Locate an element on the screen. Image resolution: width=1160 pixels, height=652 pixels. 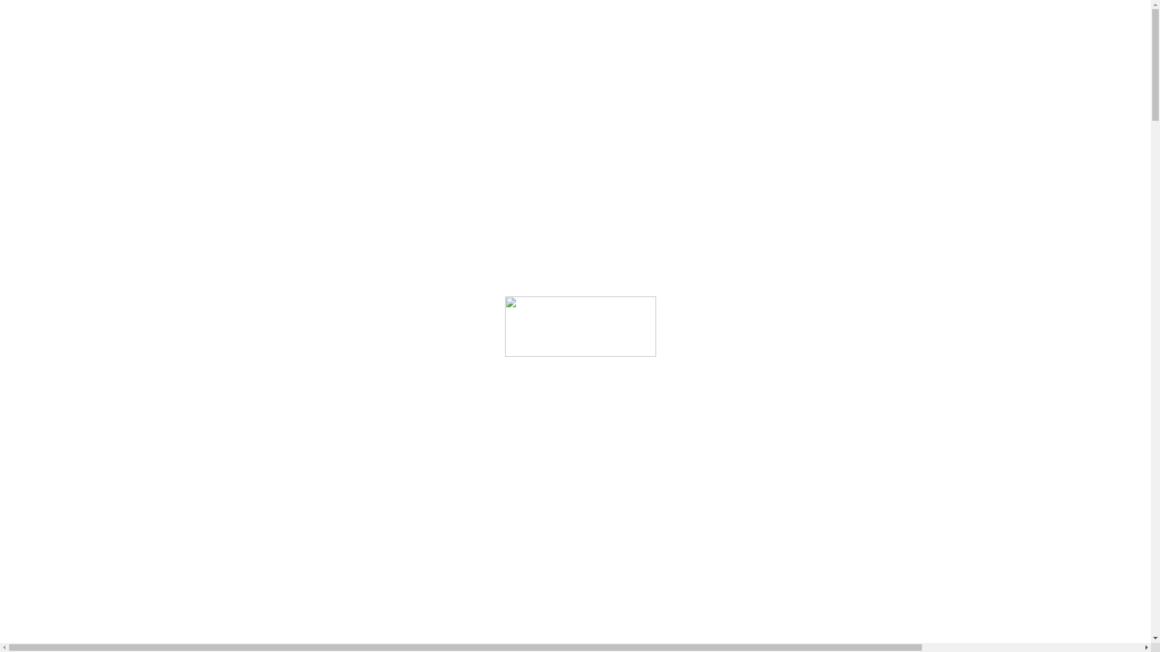
'Veelgestelde vragen' is located at coordinates (66, 181).